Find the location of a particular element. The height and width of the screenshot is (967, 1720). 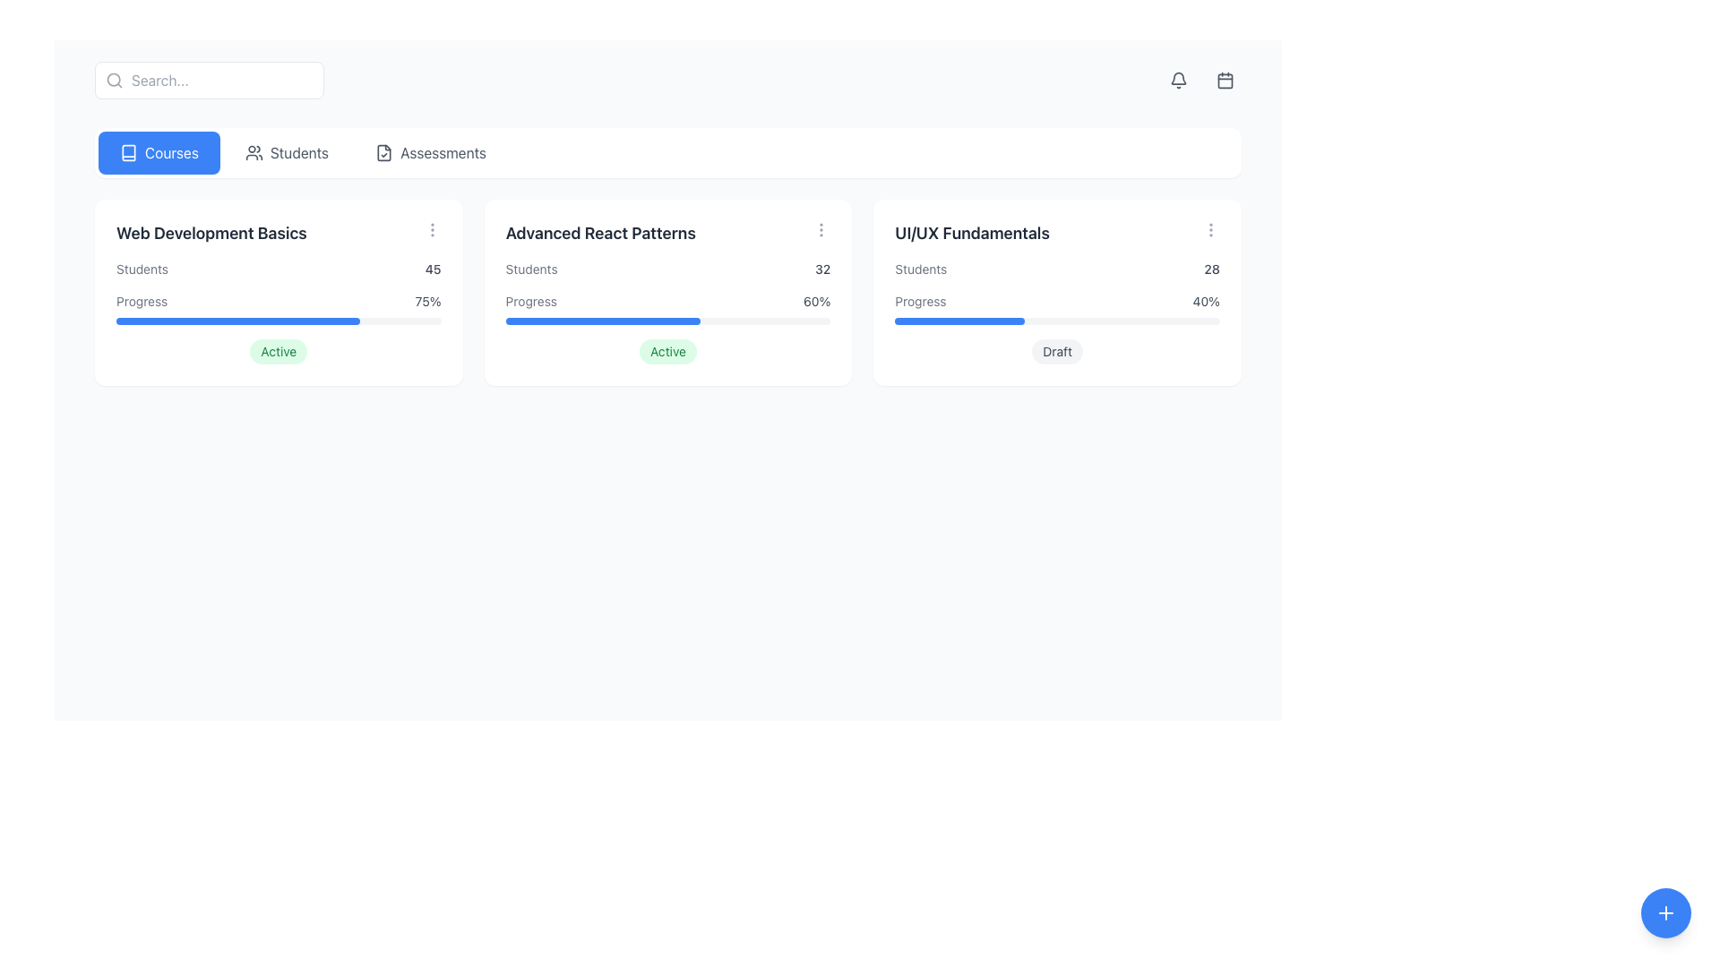

the search icon located on the left side inside the search input field, which visually represents the search functionality is located at coordinates (114, 79).